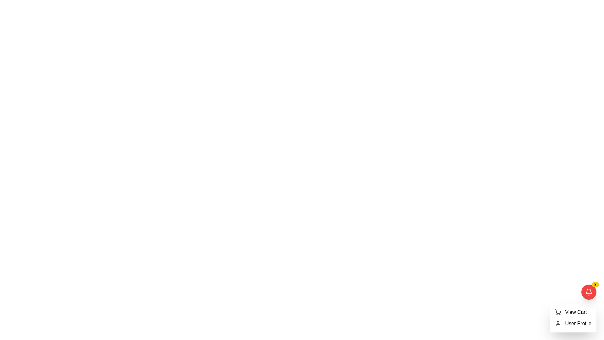  Describe the element at coordinates (578, 324) in the screenshot. I see `the 'User Profile' text label, which is styled in black and located at the bottom-right corner of the interface, below the shopping cart and user profile icons` at that location.